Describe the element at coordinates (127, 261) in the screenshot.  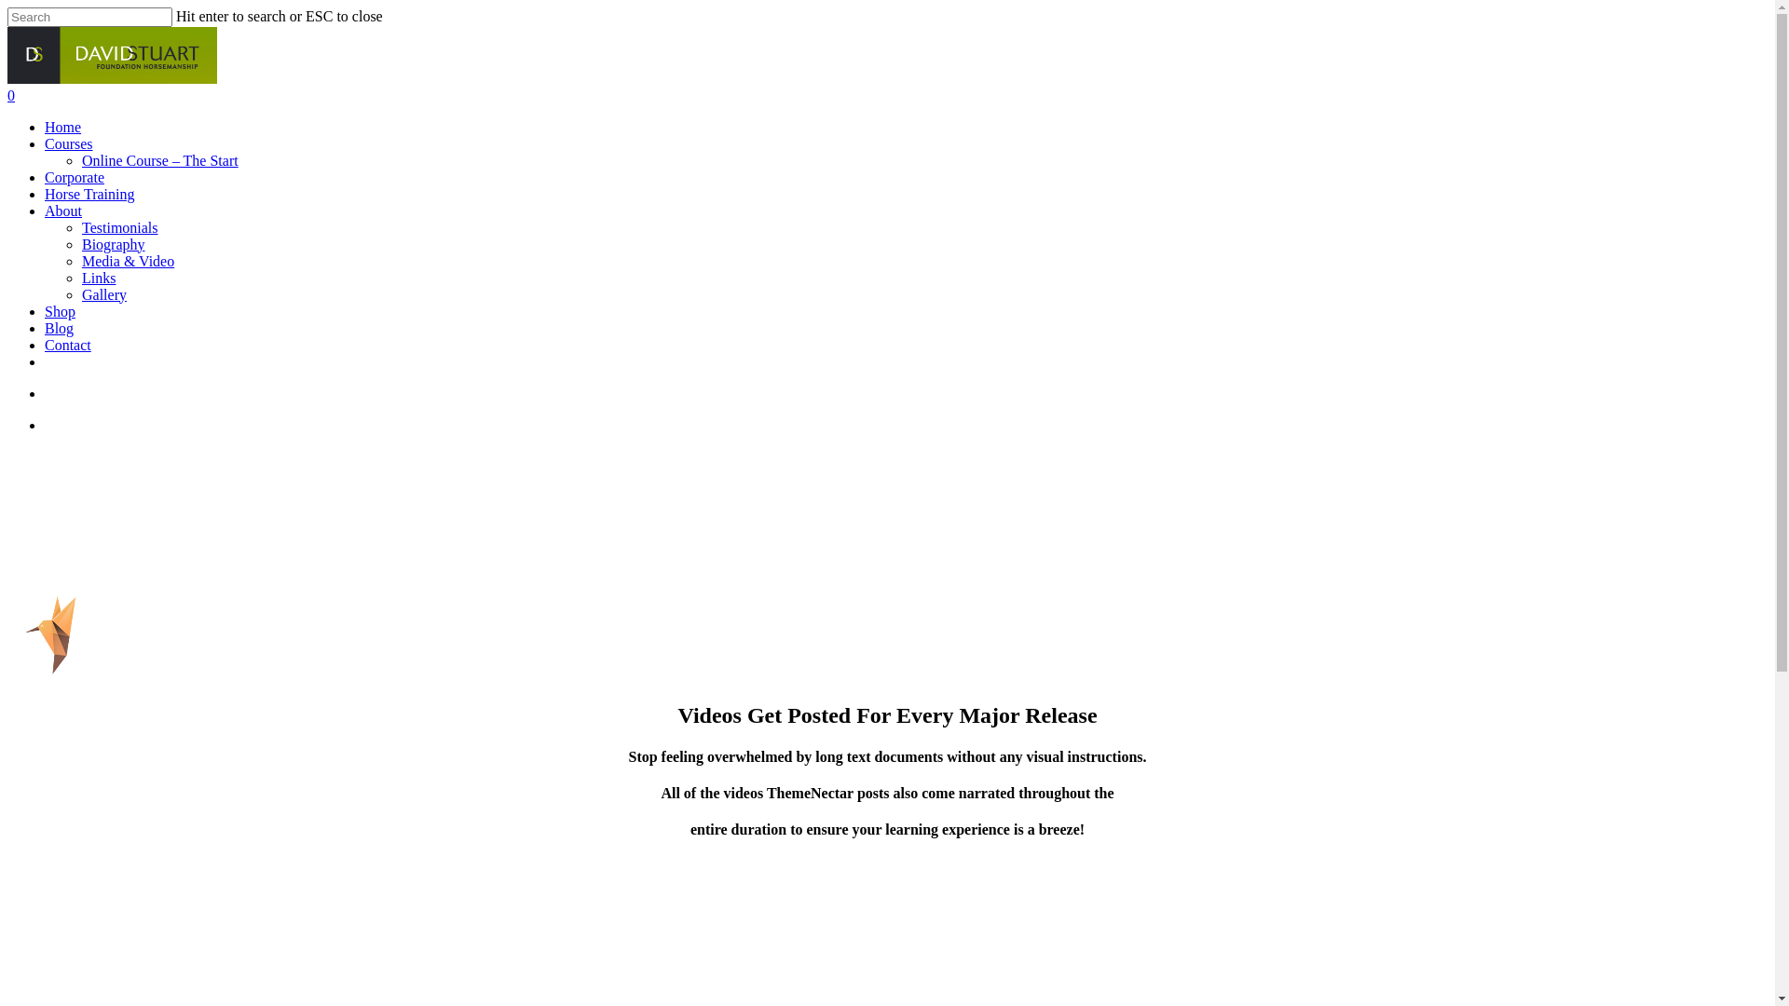
I see `'Media & Video'` at that location.